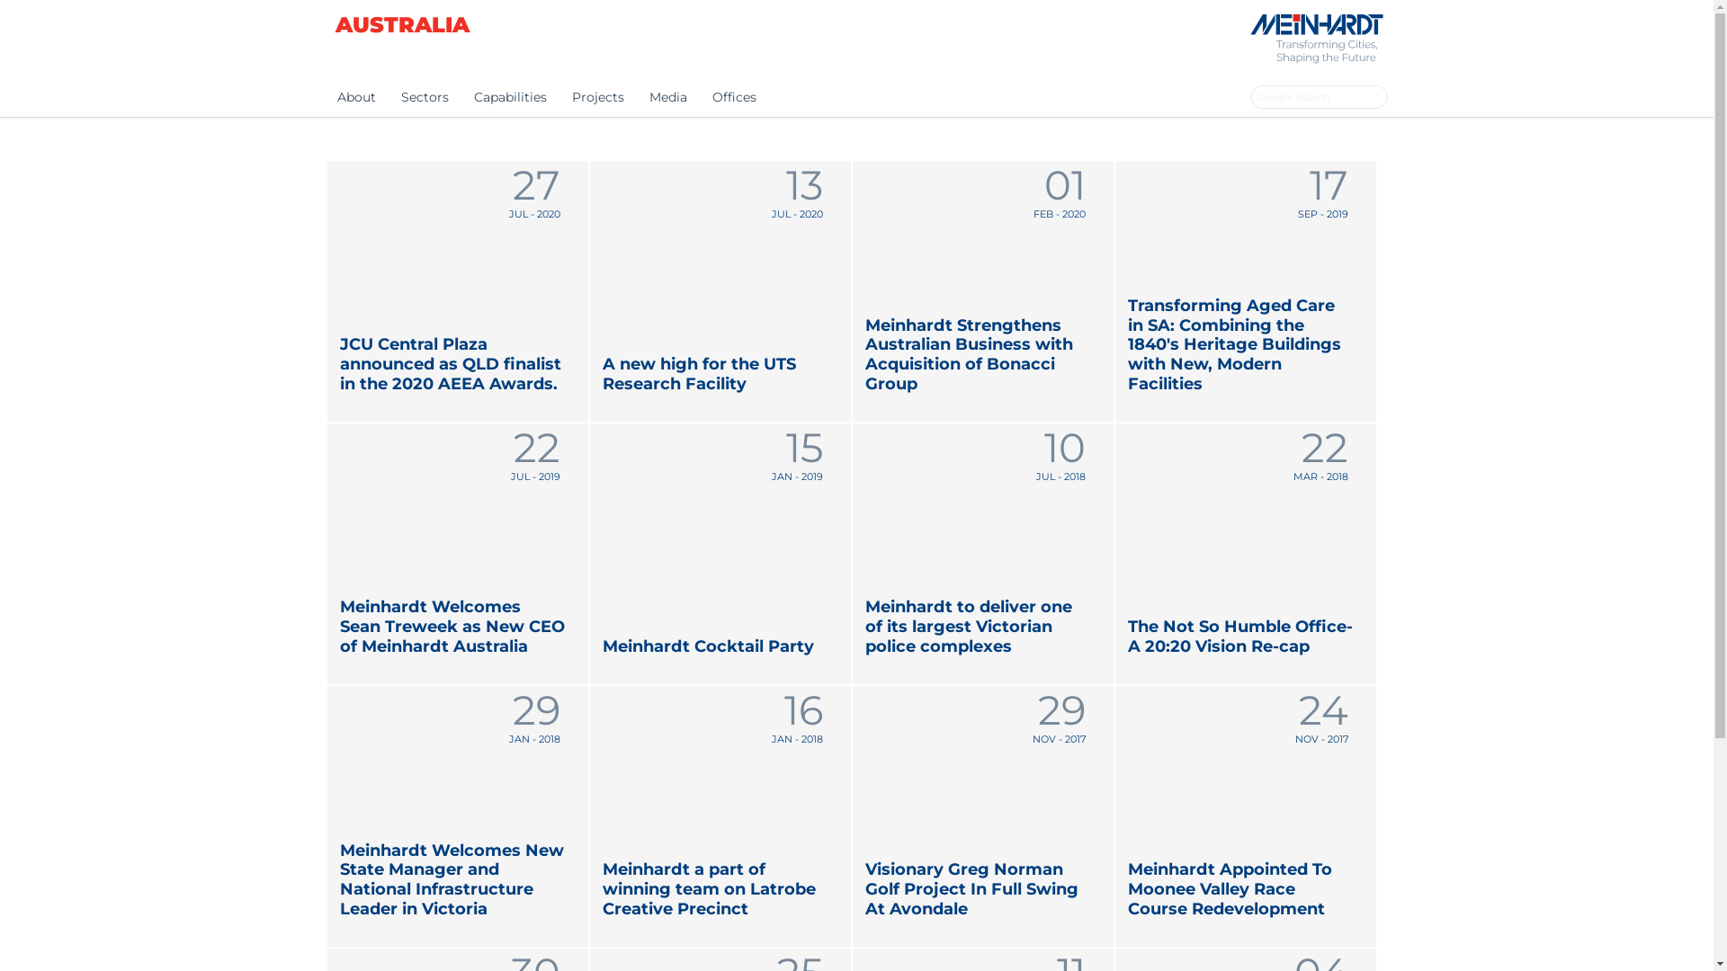 The image size is (1727, 971). What do you see at coordinates (424, 97) in the screenshot?
I see `'Sectors'` at bounding box center [424, 97].